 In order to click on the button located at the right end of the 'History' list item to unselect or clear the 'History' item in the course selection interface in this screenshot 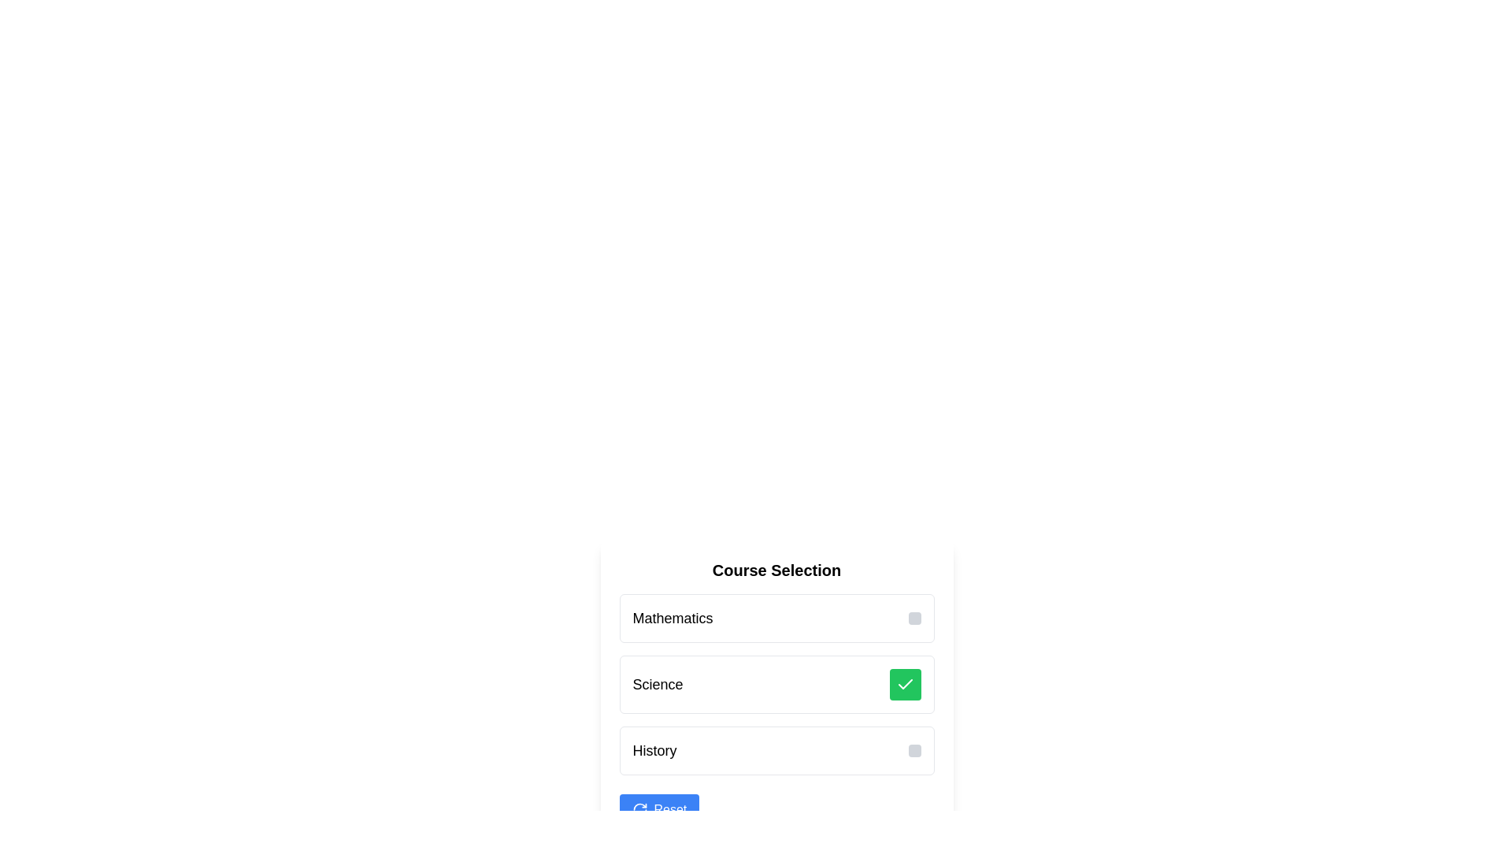, I will do `click(914, 749)`.